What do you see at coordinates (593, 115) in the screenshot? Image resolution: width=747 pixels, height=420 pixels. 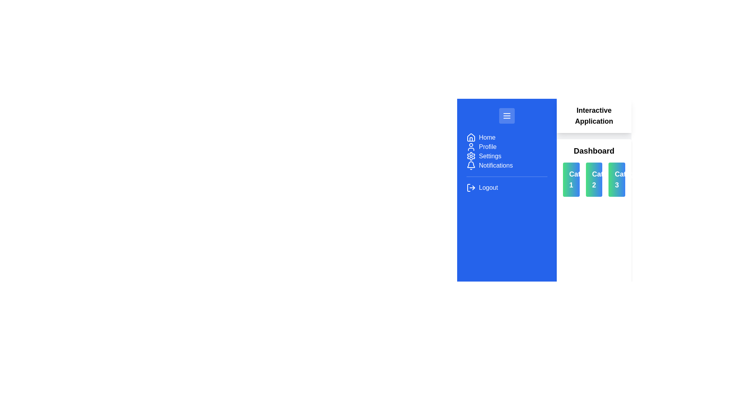 I see `the header text label located in the top-right section of the interface, which provides context for the dashboard content below` at bounding box center [593, 115].